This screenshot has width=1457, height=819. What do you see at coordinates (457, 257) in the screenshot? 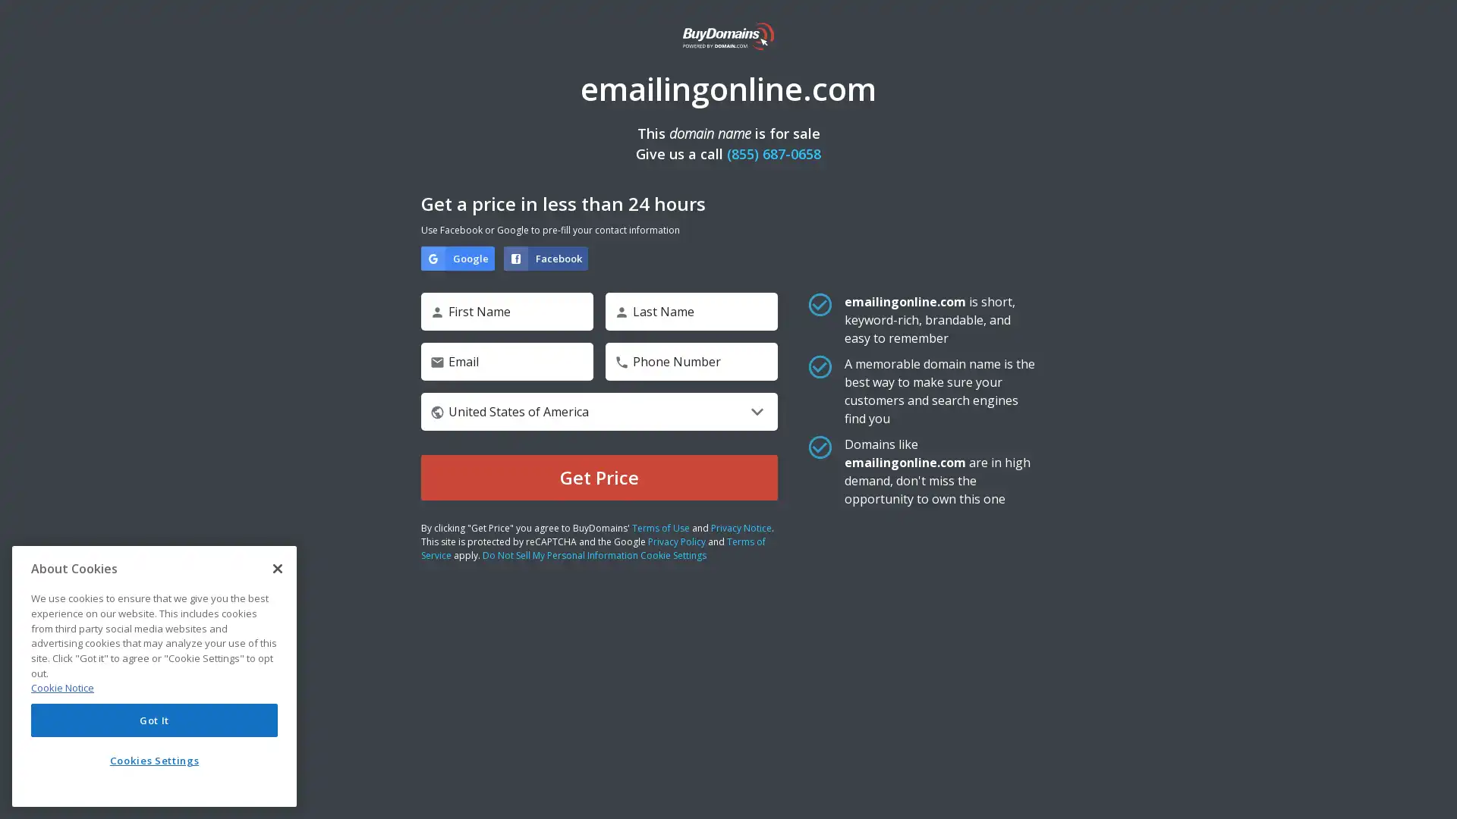
I see `Google` at bounding box center [457, 257].